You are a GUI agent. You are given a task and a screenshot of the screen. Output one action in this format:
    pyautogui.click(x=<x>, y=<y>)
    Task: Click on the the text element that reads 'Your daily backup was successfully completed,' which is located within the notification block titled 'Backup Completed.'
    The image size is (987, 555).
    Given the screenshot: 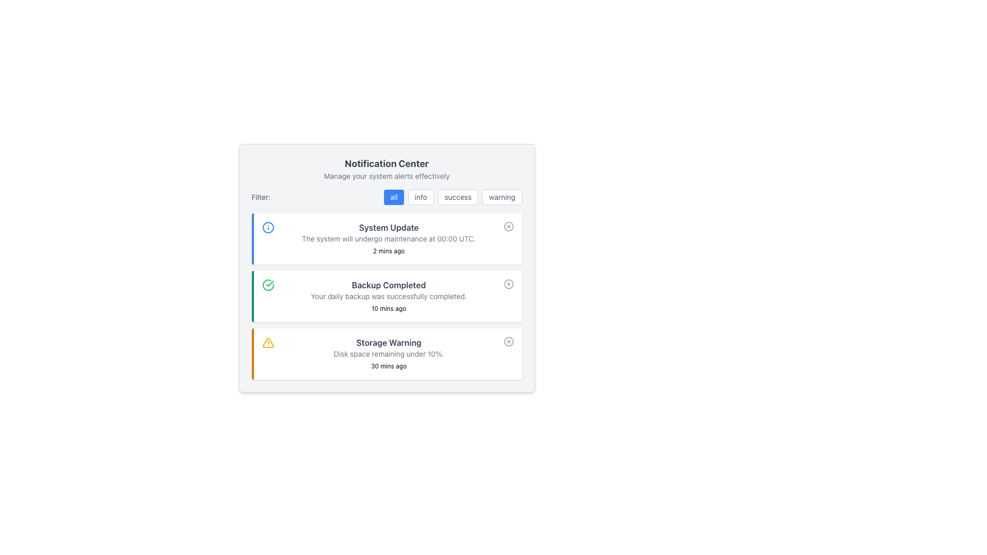 What is the action you would take?
    pyautogui.click(x=388, y=297)
    